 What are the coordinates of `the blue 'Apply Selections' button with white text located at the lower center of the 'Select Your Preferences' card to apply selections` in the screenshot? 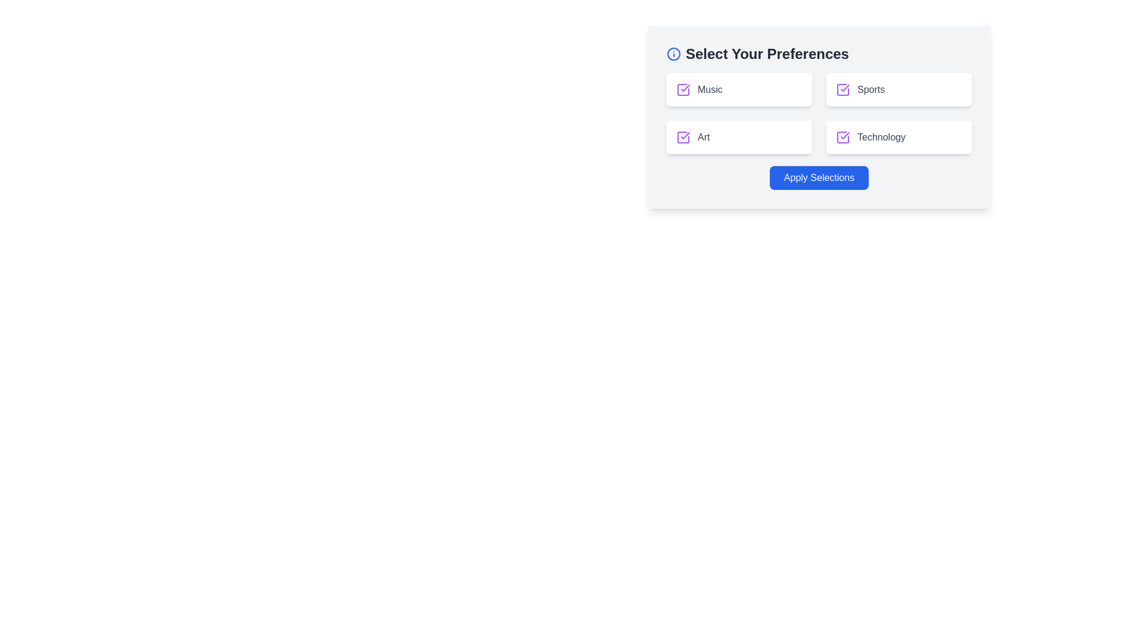 It's located at (818, 178).